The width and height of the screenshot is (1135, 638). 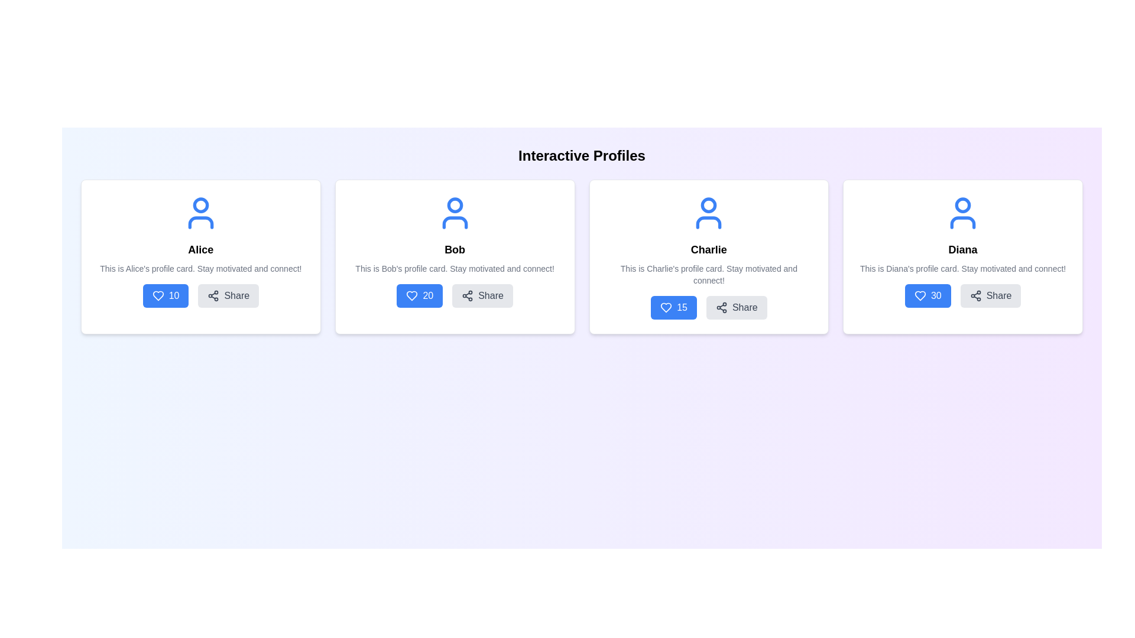 I want to click on the 'Share' button located in the lower section of Alice's profile card, so click(x=228, y=295).